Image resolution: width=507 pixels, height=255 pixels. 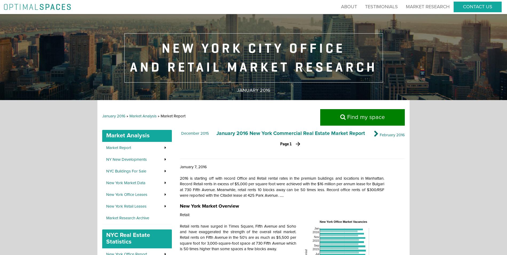 I want to click on 'New York Retail Leases', so click(x=126, y=206).